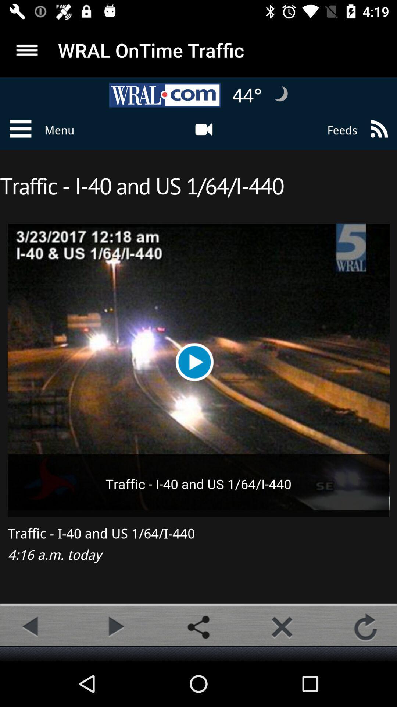 The image size is (397, 707). I want to click on refresh, so click(365, 627).